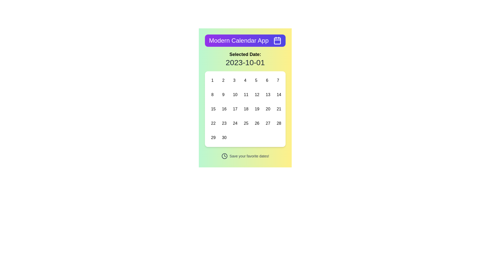  I want to click on the button representing the 23rd day of the month in the calendar grid, so click(223, 123).